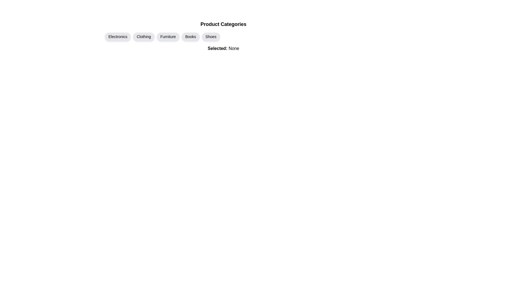 The image size is (531, 298). I want to click on the Books chip to toggle its selection, so click(191, 36).